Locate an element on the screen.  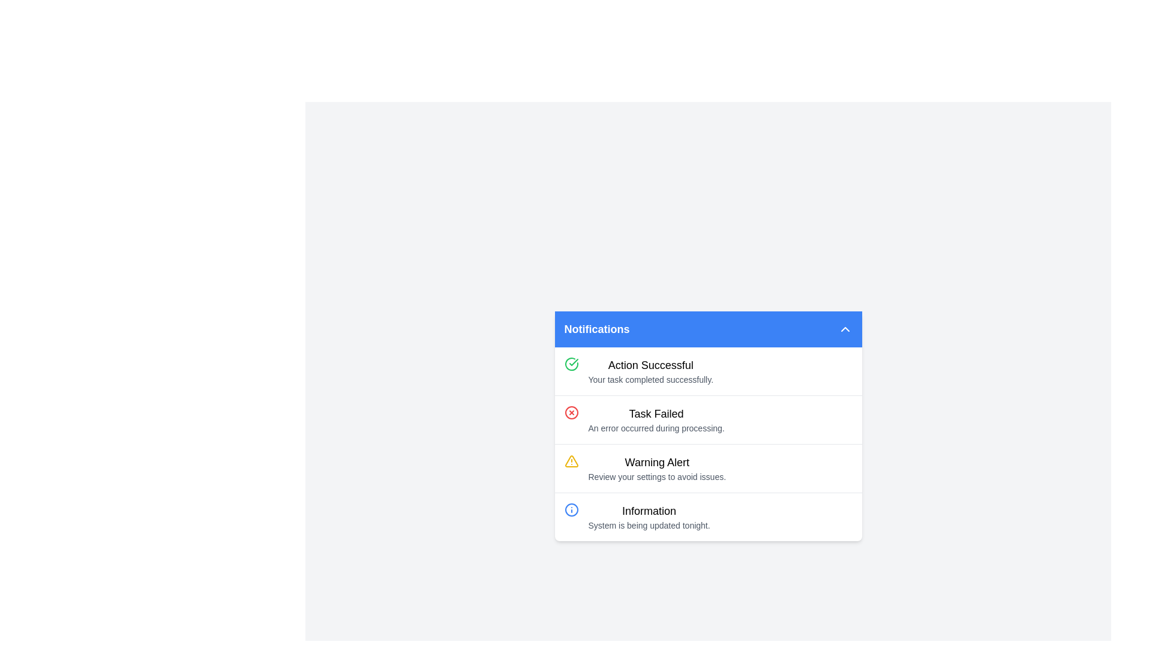
text content of the Text Label located in the second notification card, which summarizes the notification's core message above the descriptive message 'An error occurred during processing.' is located at coordinates (656, 413).